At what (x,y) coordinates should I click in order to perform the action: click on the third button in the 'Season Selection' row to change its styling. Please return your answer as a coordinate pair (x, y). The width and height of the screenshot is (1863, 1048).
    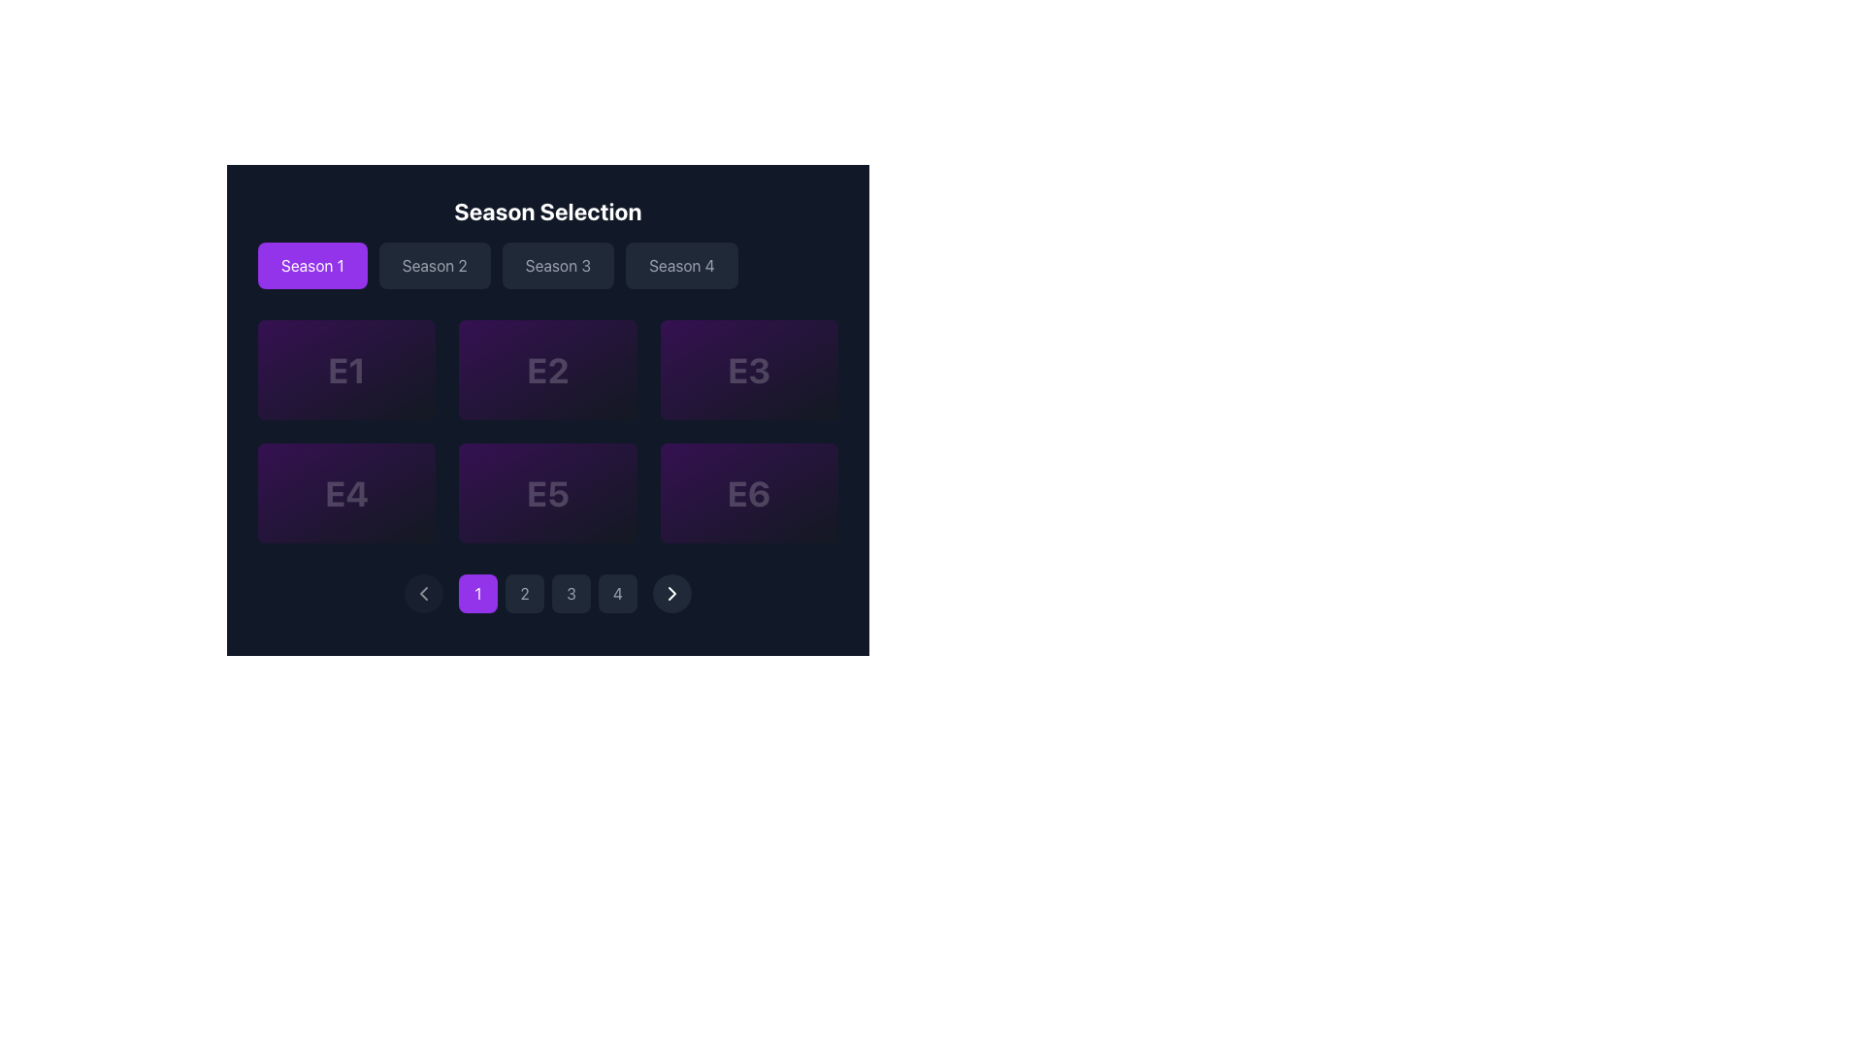
    Looking at the image, I should click on (557, 265).